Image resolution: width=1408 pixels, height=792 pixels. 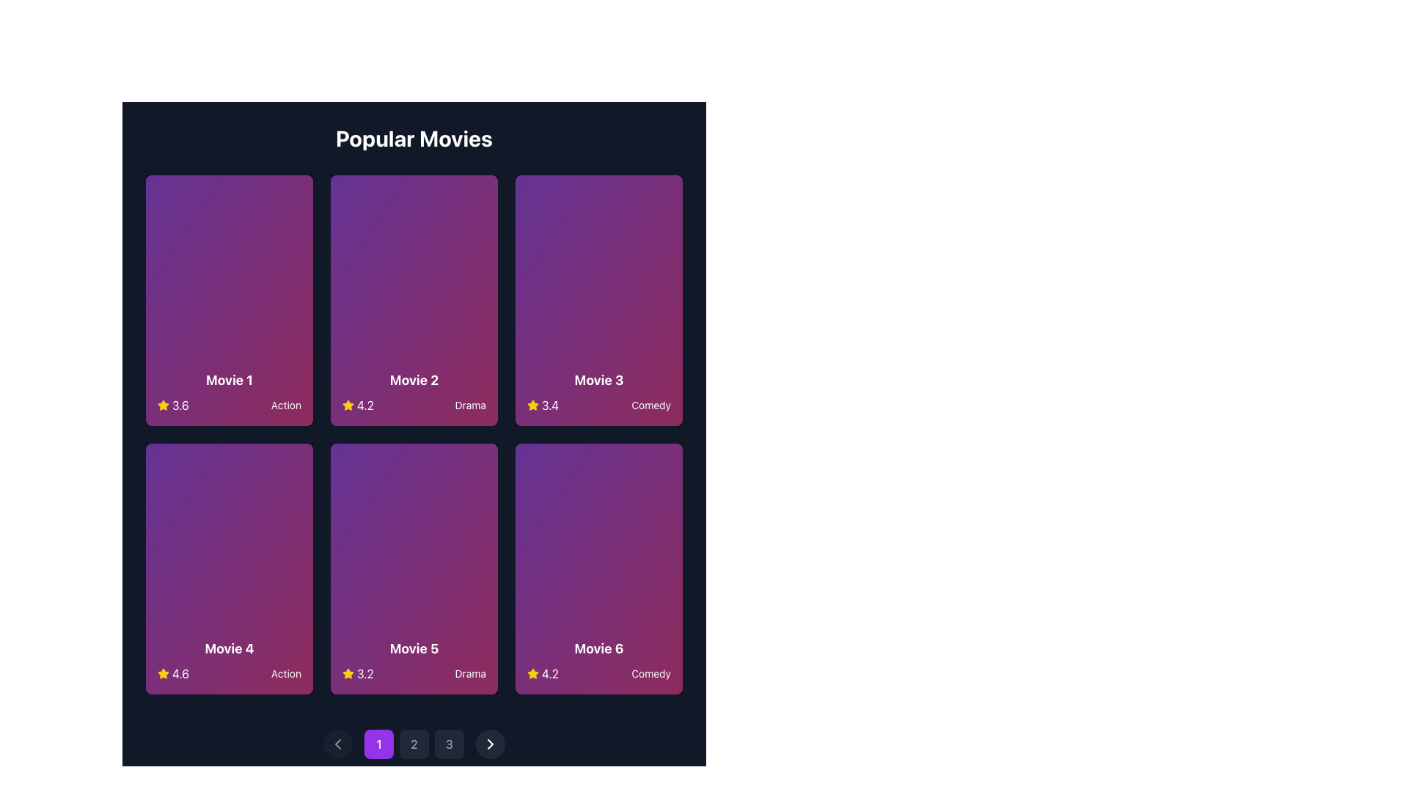 I want to click on the static text label that reads 'Drama', which is located at the bottom-right of the 'Movie 5' card, next to a yellow star icon, so click(x=470, y=673).